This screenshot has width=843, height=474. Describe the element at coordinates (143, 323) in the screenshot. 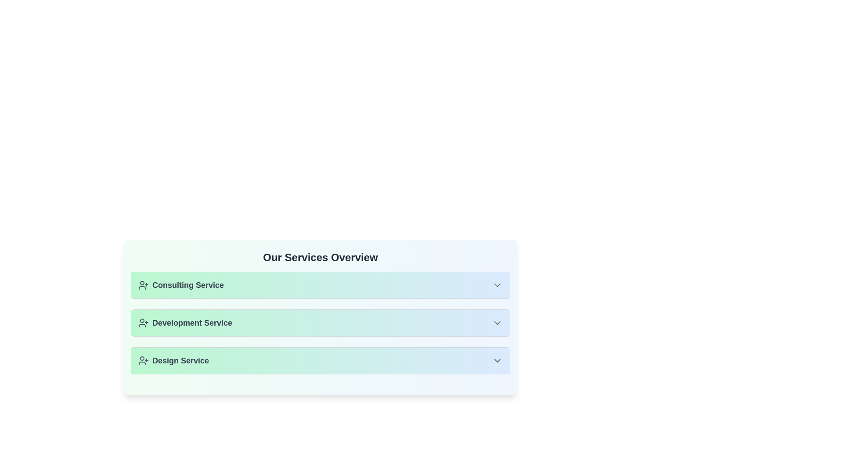

I see `the icon located to the left of the text 'Development Service', which signifies an action related` at that location.